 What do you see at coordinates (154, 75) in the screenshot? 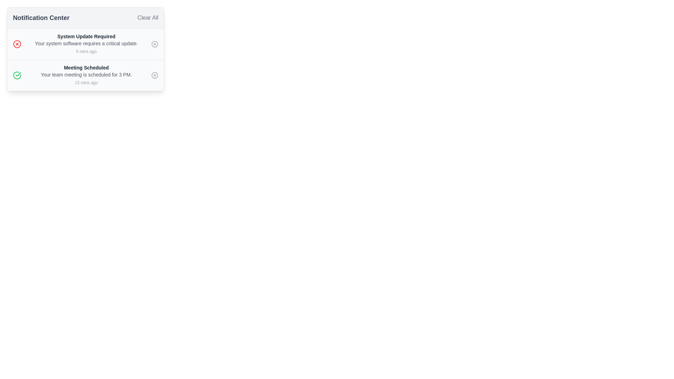
I see `the Circle SVG component that is part of the icon in the second row of notifications, located to the far right of the second notification entry` at bounding box center [154, 75].